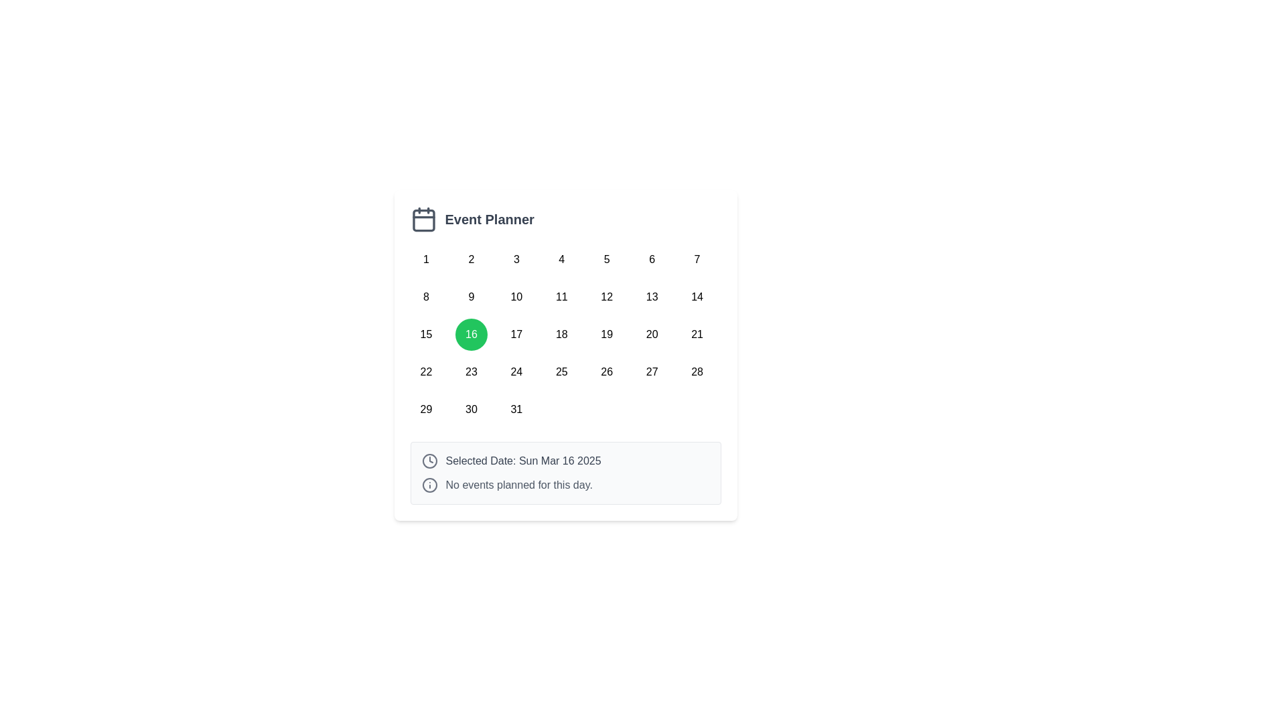 The image size is (1286, 723). What do you see at coordinates (697, 260) in the screenshot?
I see `the small circular button labeled '7' with a white background, located in the first row and seventh column of the calendar layout` at bounding box center [697, 260].